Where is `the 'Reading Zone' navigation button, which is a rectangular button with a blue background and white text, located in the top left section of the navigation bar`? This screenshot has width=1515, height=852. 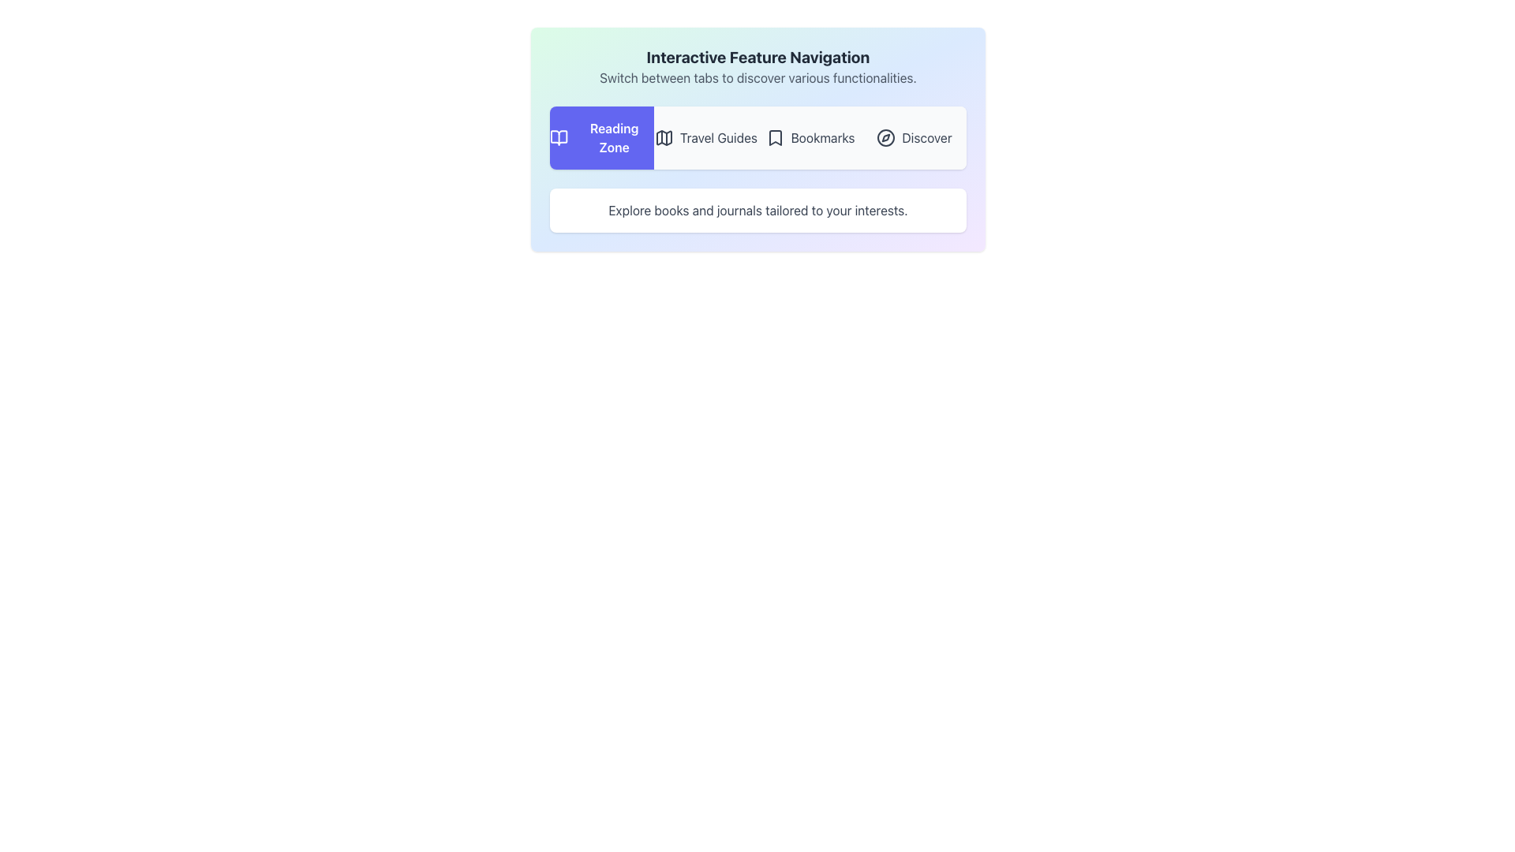 the 'Reading Zone' navigation button, which is a rectangular button with a blue background and white text, located in the top left section of the navigation bar is located at coordinates (601, 136).